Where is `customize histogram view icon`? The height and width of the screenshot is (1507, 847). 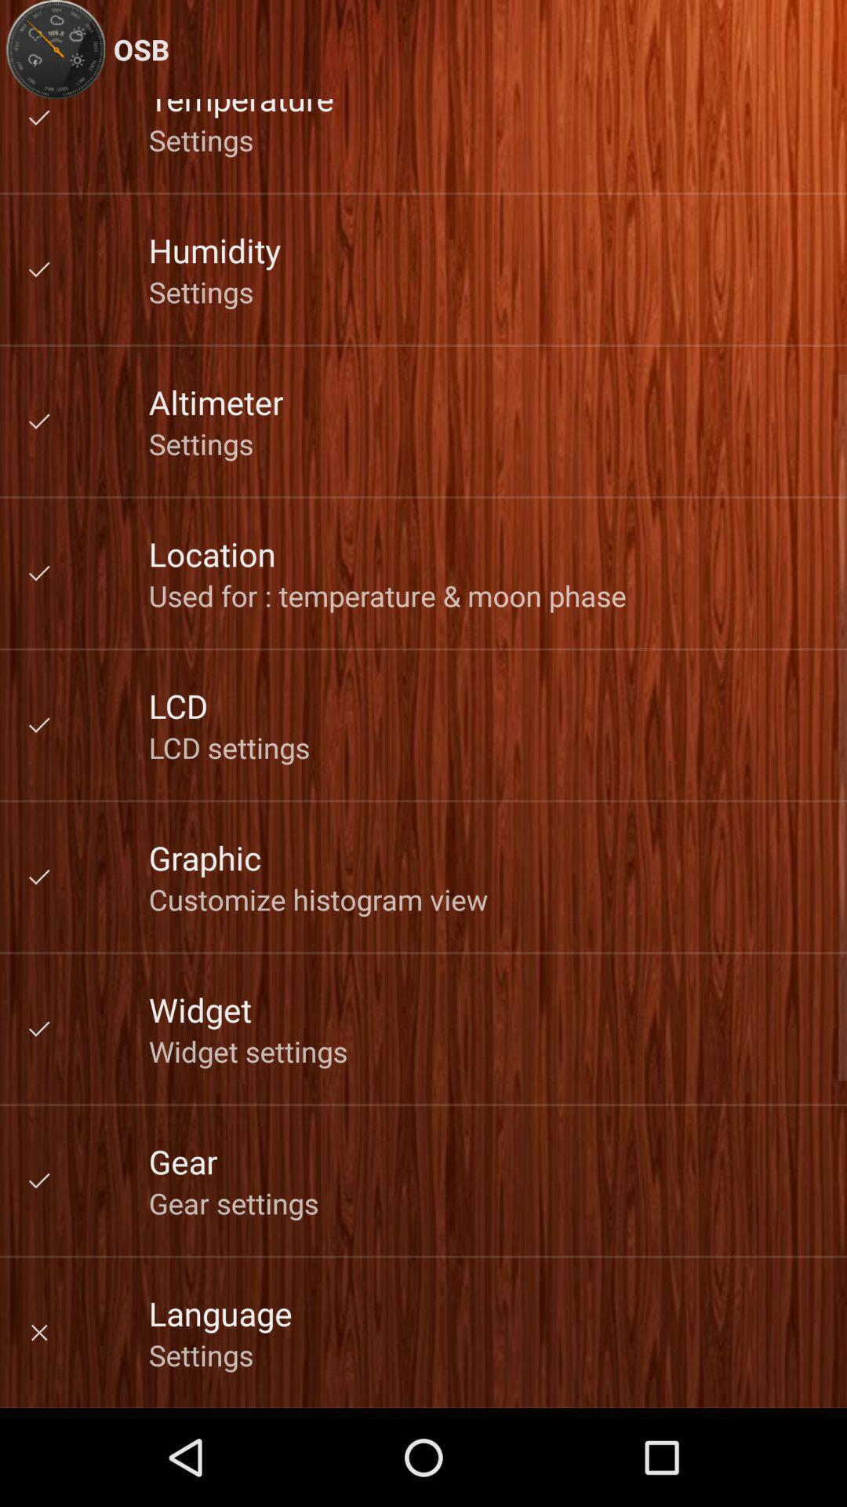
customize histogram view icon is located at coordinates (318, 899).